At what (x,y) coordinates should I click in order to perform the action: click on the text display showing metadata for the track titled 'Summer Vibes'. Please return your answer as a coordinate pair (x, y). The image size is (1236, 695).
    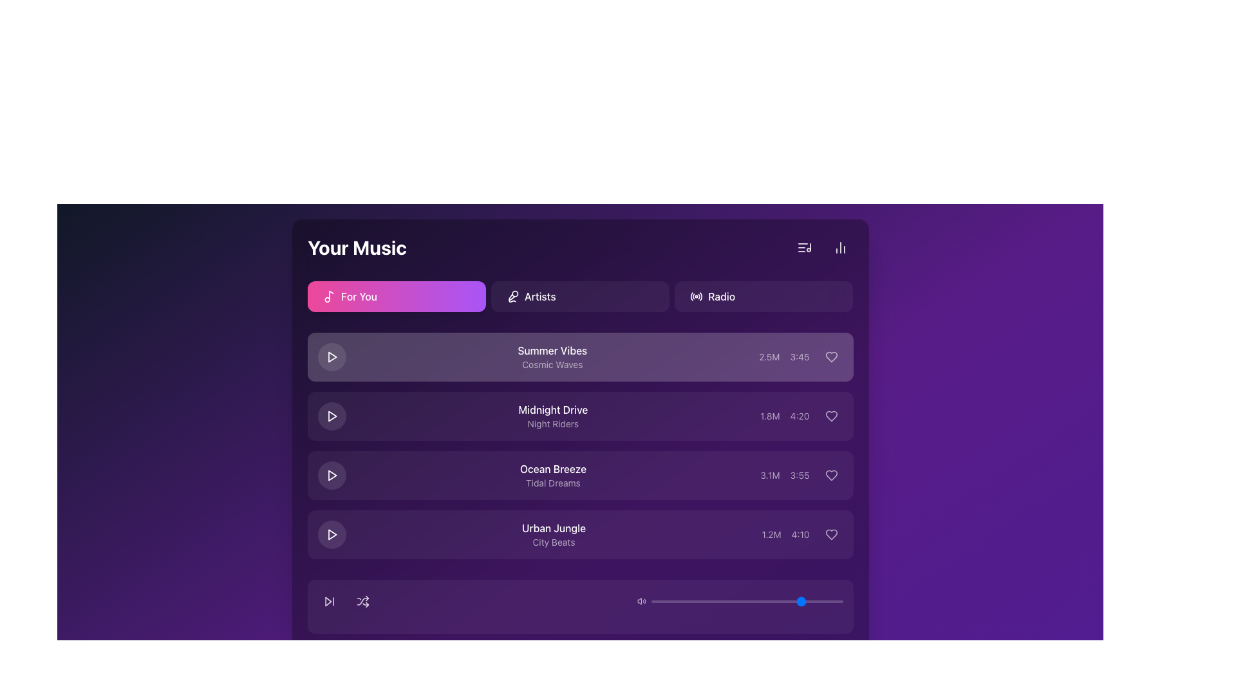
    Looking at the image, I should click on (800, 357).